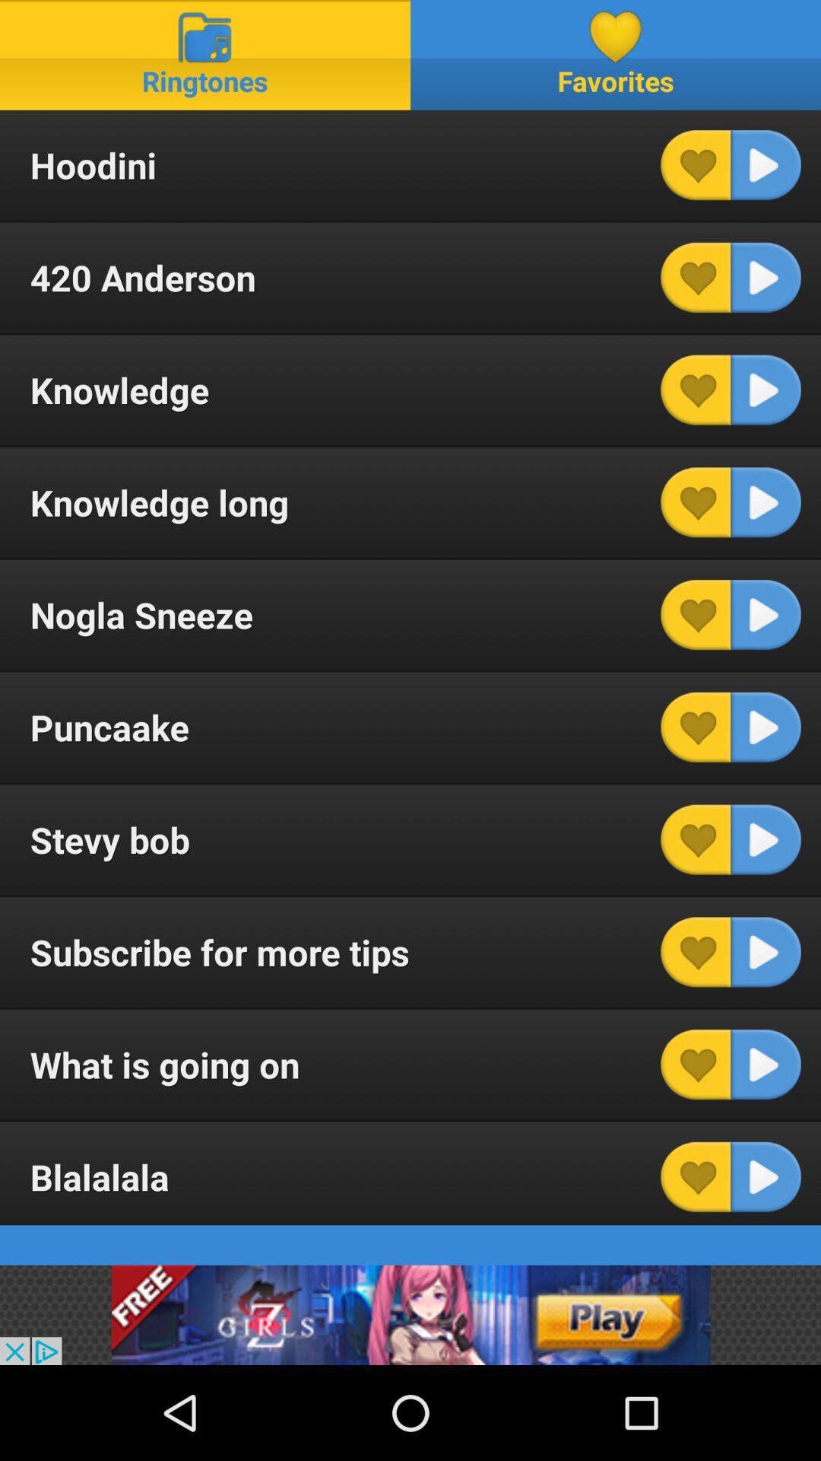 This screenshot has width=821, height=1461. Describe the element at coordinates (696, 1176) in the screenshot. I see `favorite` at that location.